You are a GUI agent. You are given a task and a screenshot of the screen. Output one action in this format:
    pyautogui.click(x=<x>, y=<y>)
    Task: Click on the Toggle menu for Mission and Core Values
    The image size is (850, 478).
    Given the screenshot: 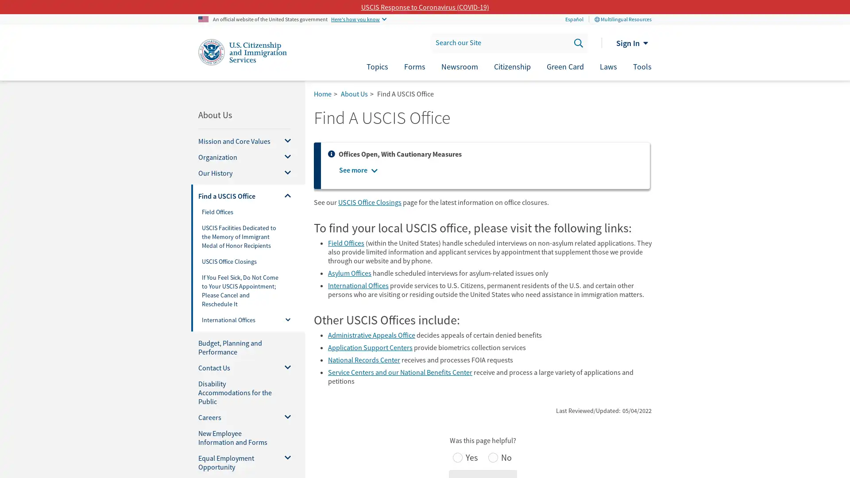 What is the action you would take?
    pyautogui.click(x=284, y=141)
    